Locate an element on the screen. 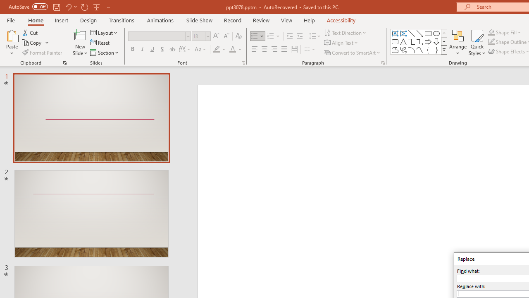  'Isosceles Triangle' is located at coordinates (403, 41).